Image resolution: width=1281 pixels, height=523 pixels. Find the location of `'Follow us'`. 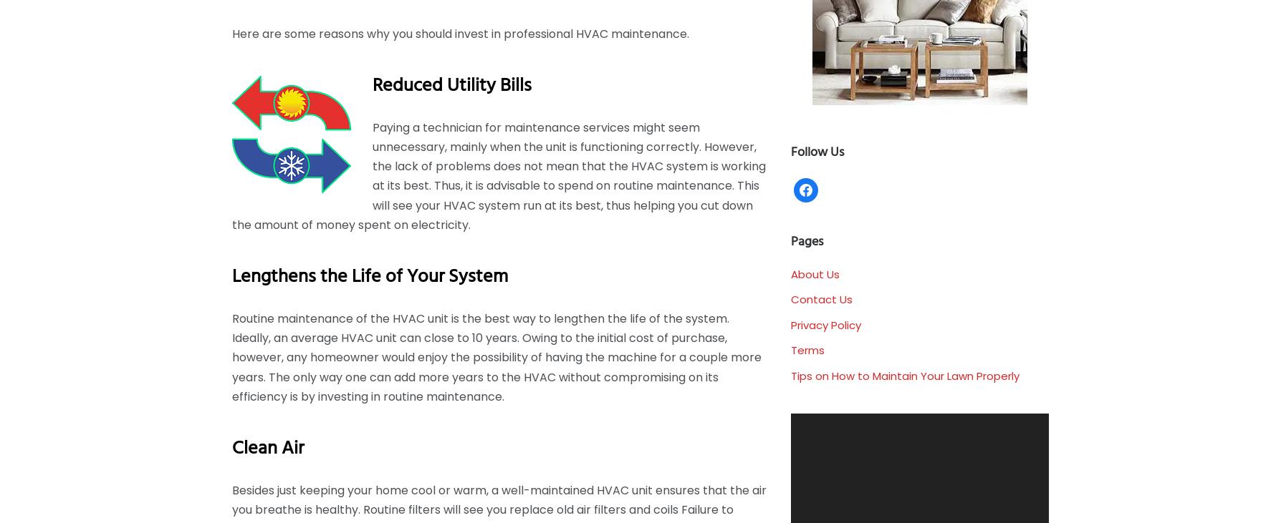

'Follow us' is located at coordinates (790, 152).